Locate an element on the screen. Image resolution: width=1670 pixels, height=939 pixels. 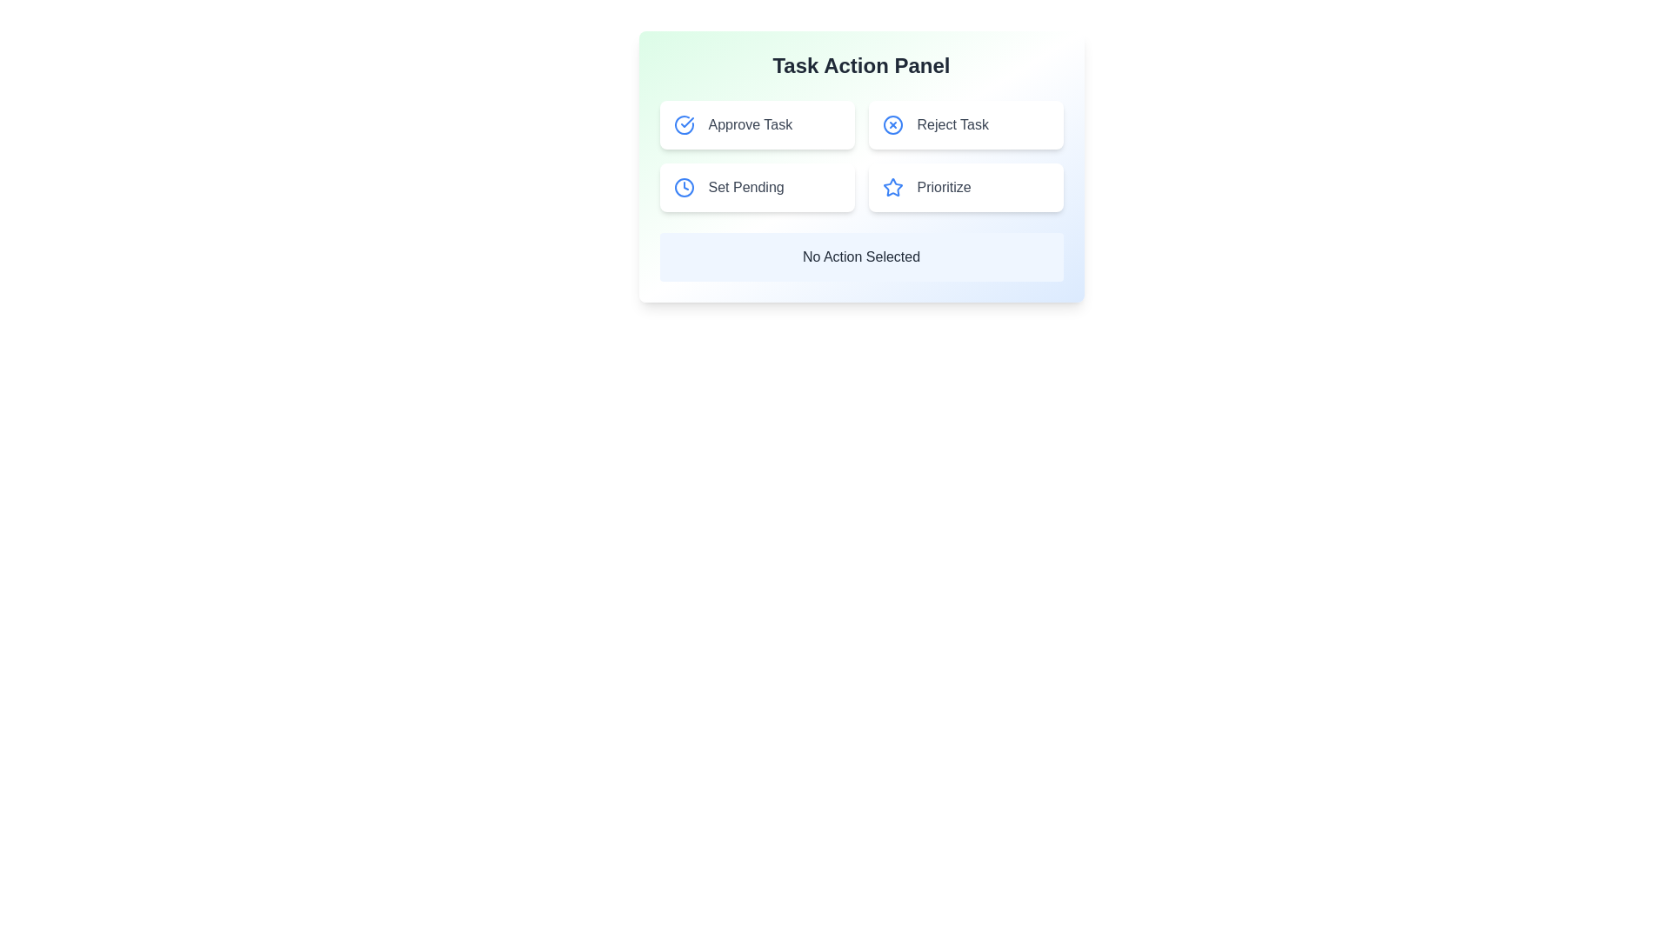
the control panel that allows users to select actions like approving, rejecting, or prioritizing tasks, which is centrally located in the top region of the visible area is located at coordinates (861, 167).